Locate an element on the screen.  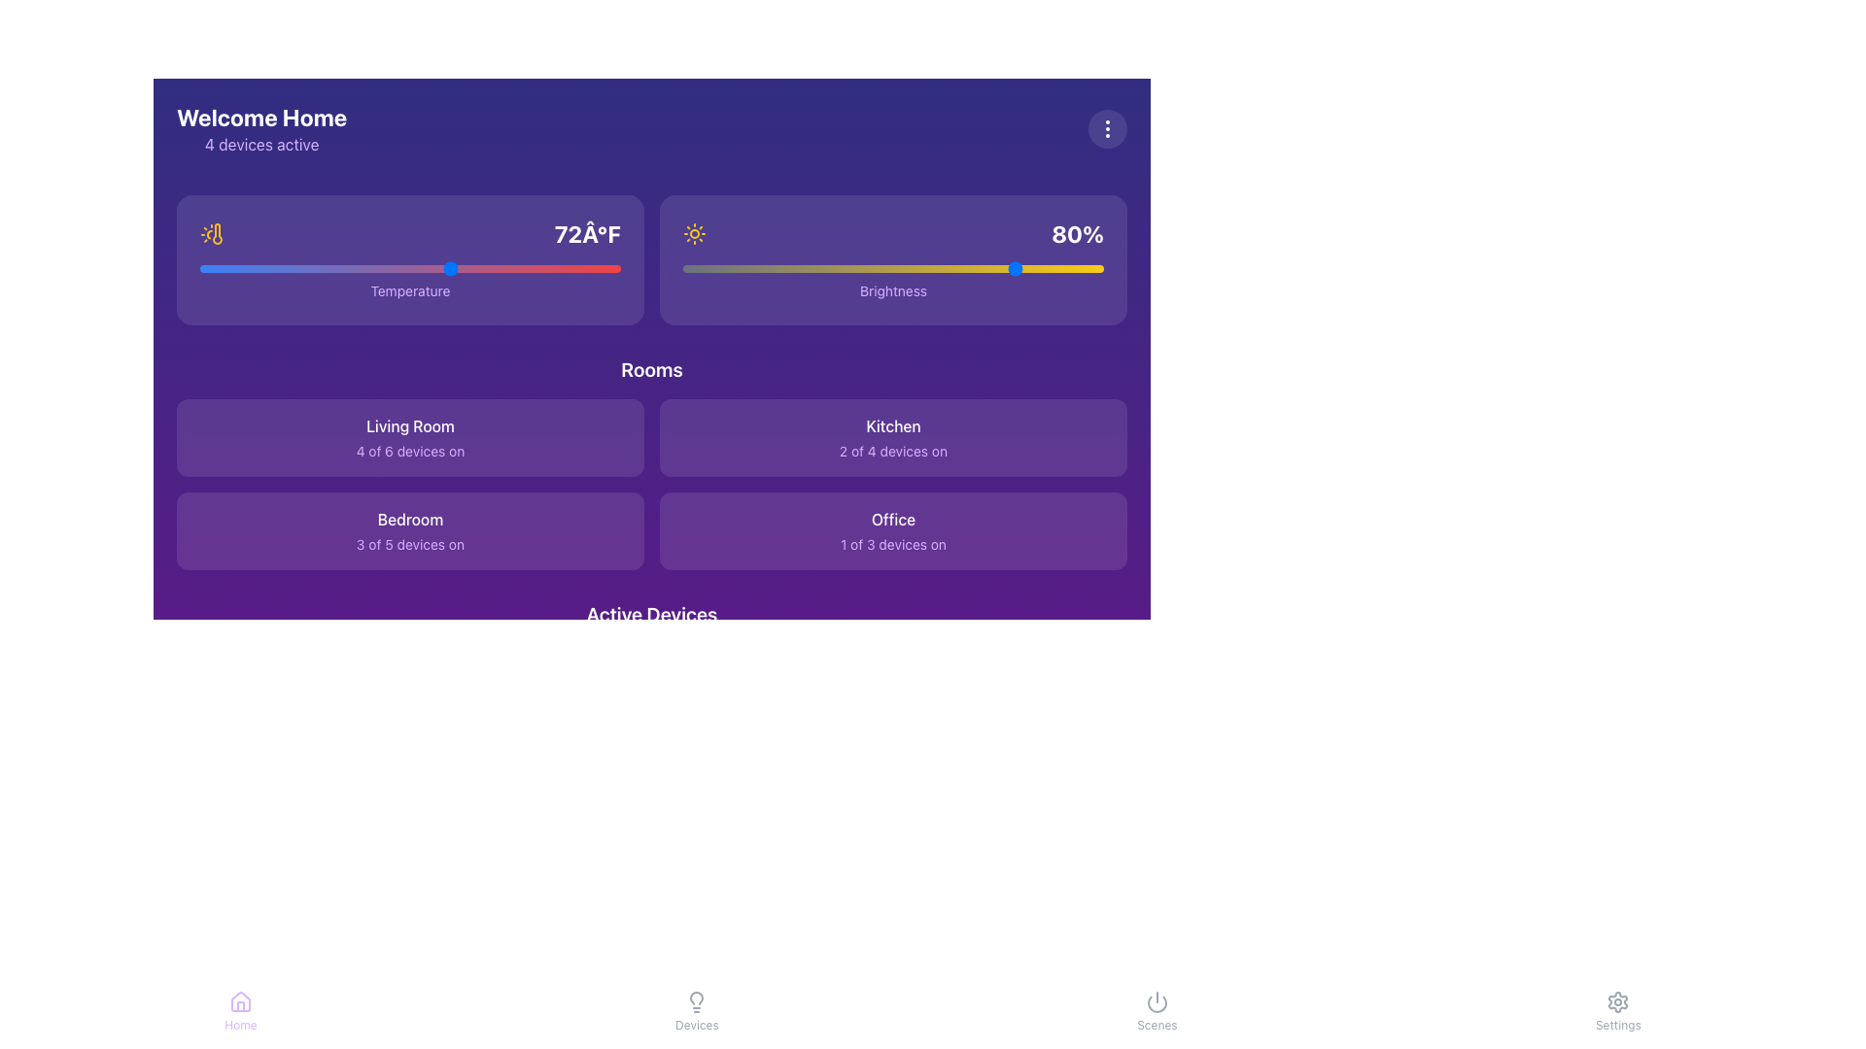
the value of the slider is located at coordinates (409, 269).